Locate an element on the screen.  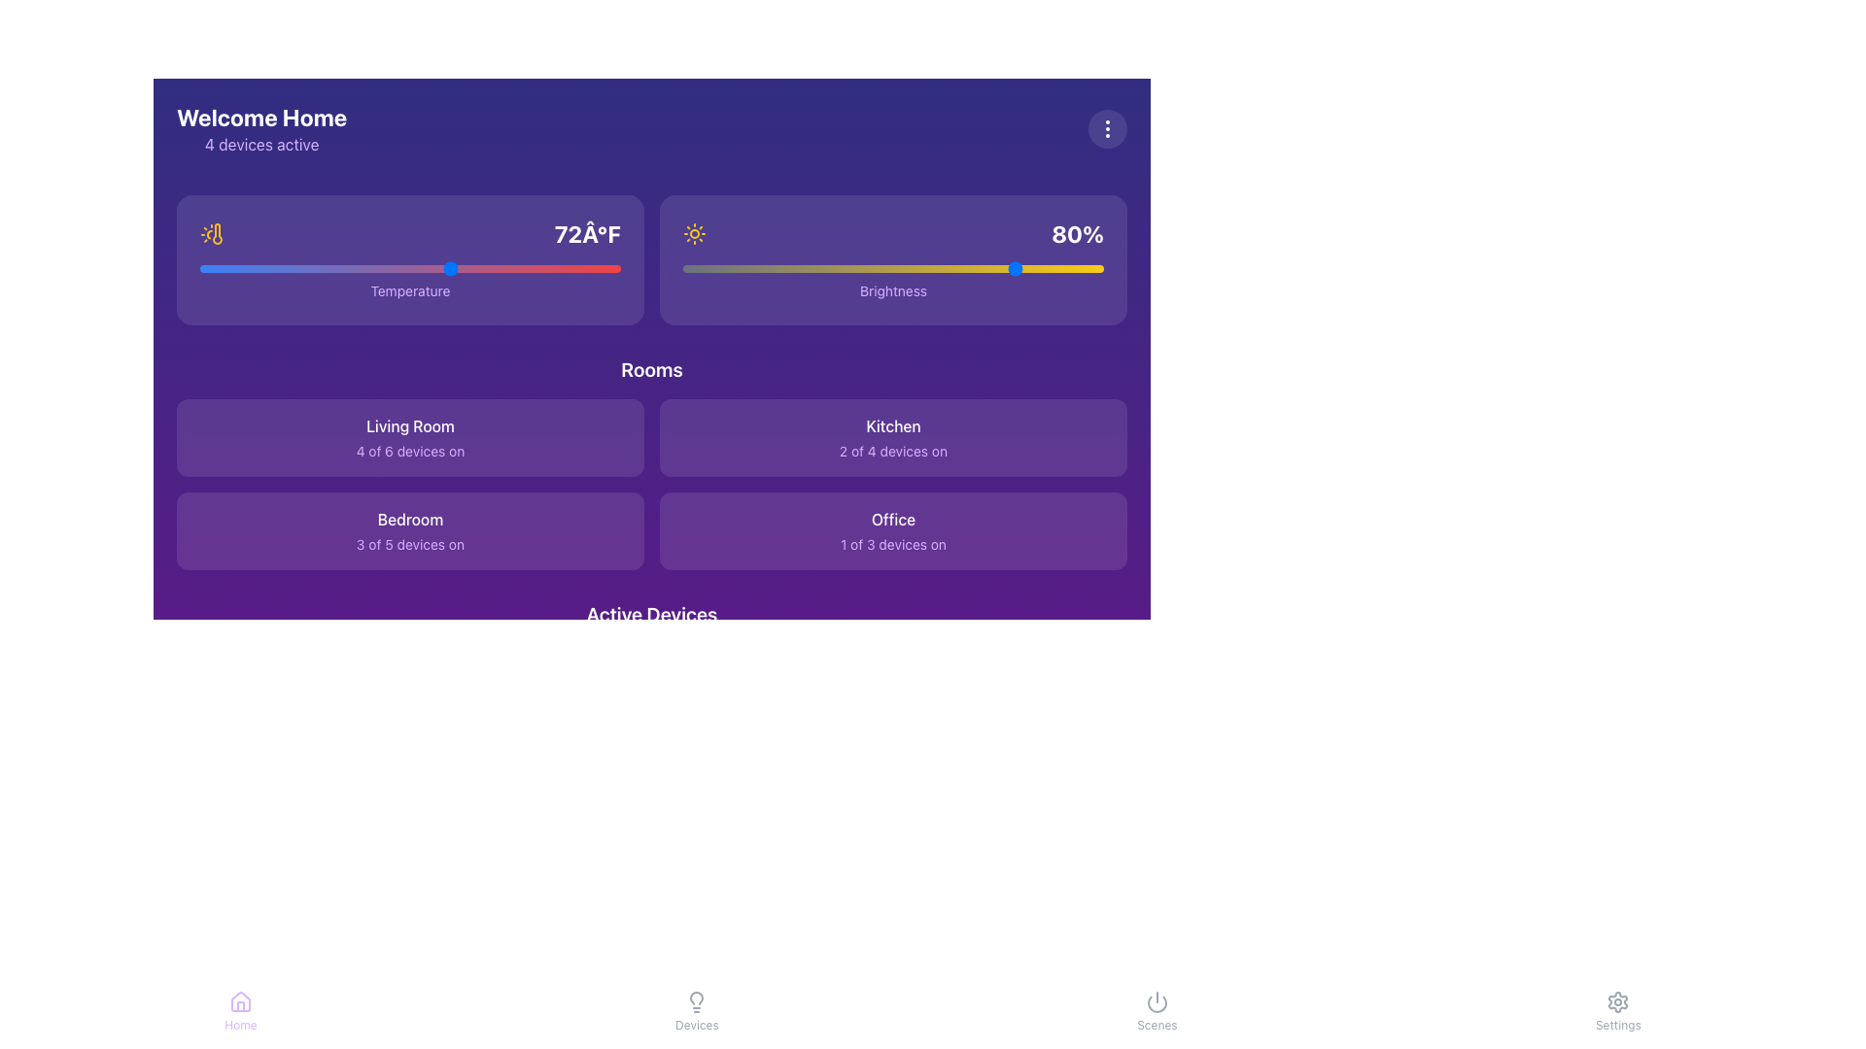
the value of the slider is located at coordinates (409, 269).